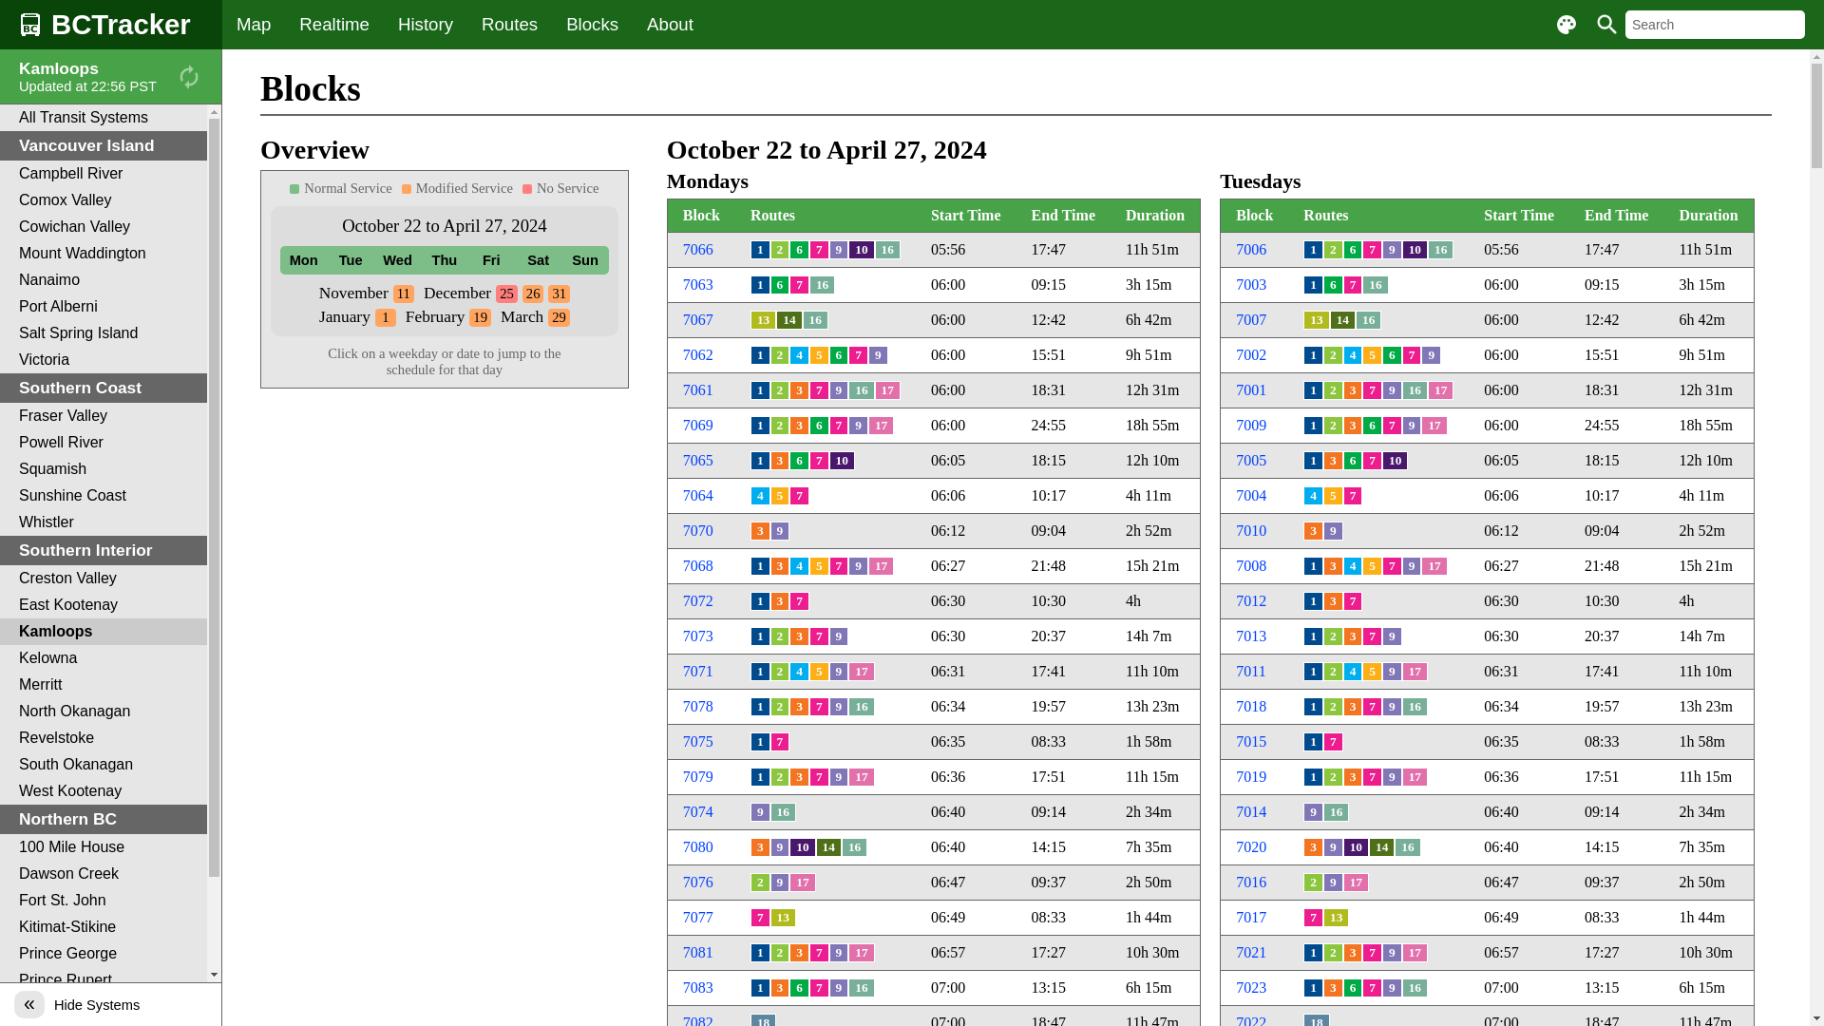 Image resolution: width=1824 pixels, height=1026 pixels. What do you see at coordinates (815, 318) in the screenshot?
I see `'16'` at bounding box center [815, 318].